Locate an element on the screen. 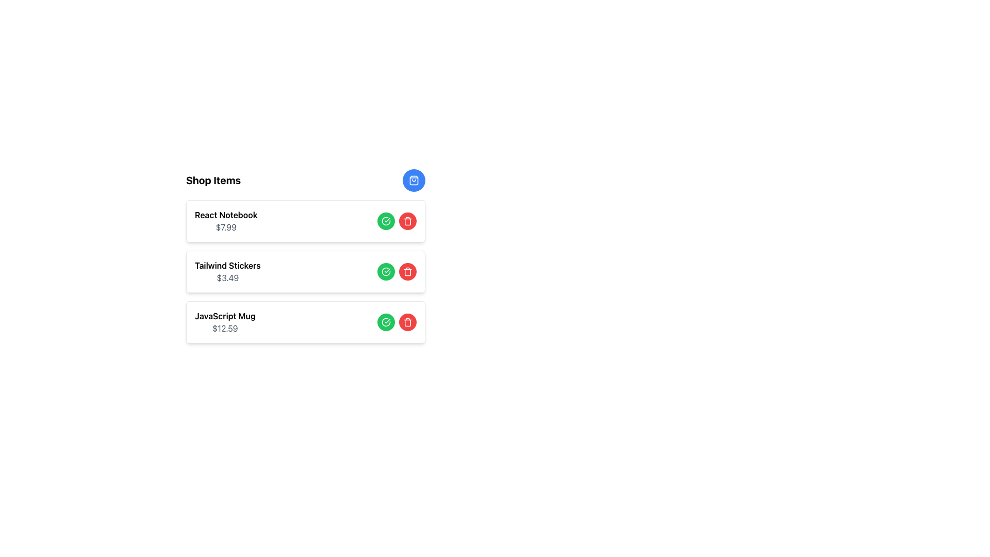 The image size is (990, 557). text content of the title and price display for the 'JavaScript Mug' item located at the top left of its card is located at coordinates (224, 321).